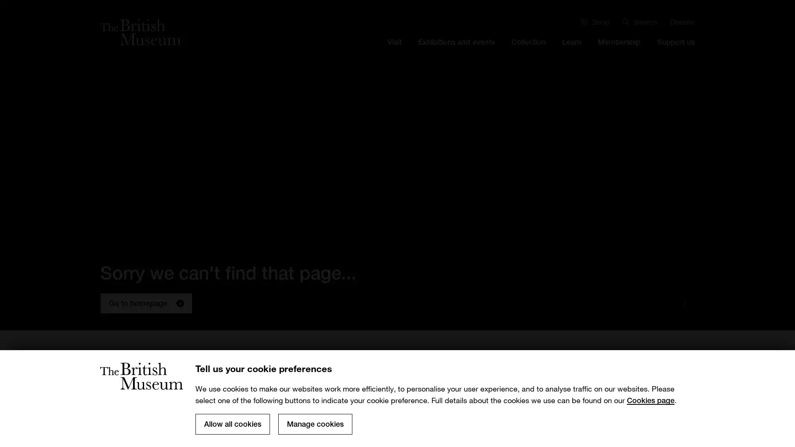 The height and width of the screenshot is (447, 795). I want to click on Allow all cookies, so click(232, 424).